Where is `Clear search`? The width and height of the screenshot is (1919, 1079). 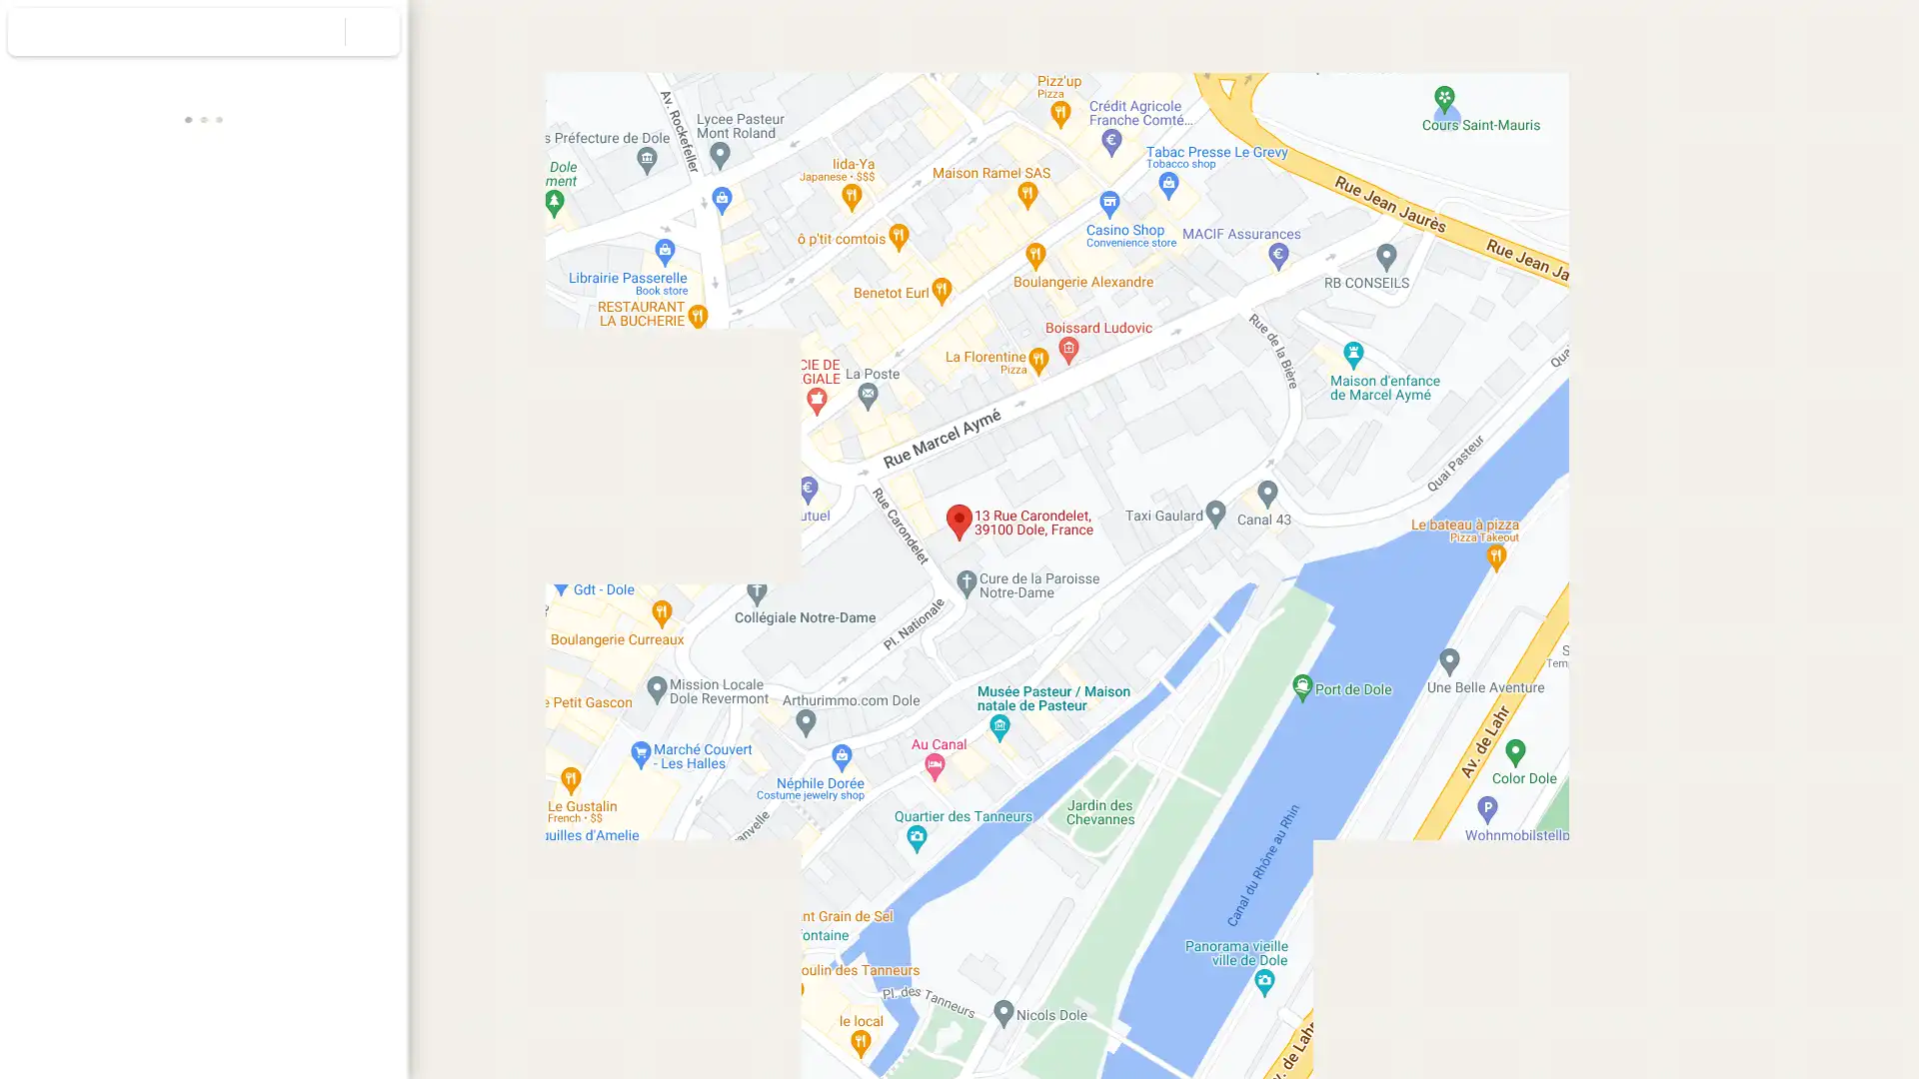 Clear search is located at coordinates (373, 31).